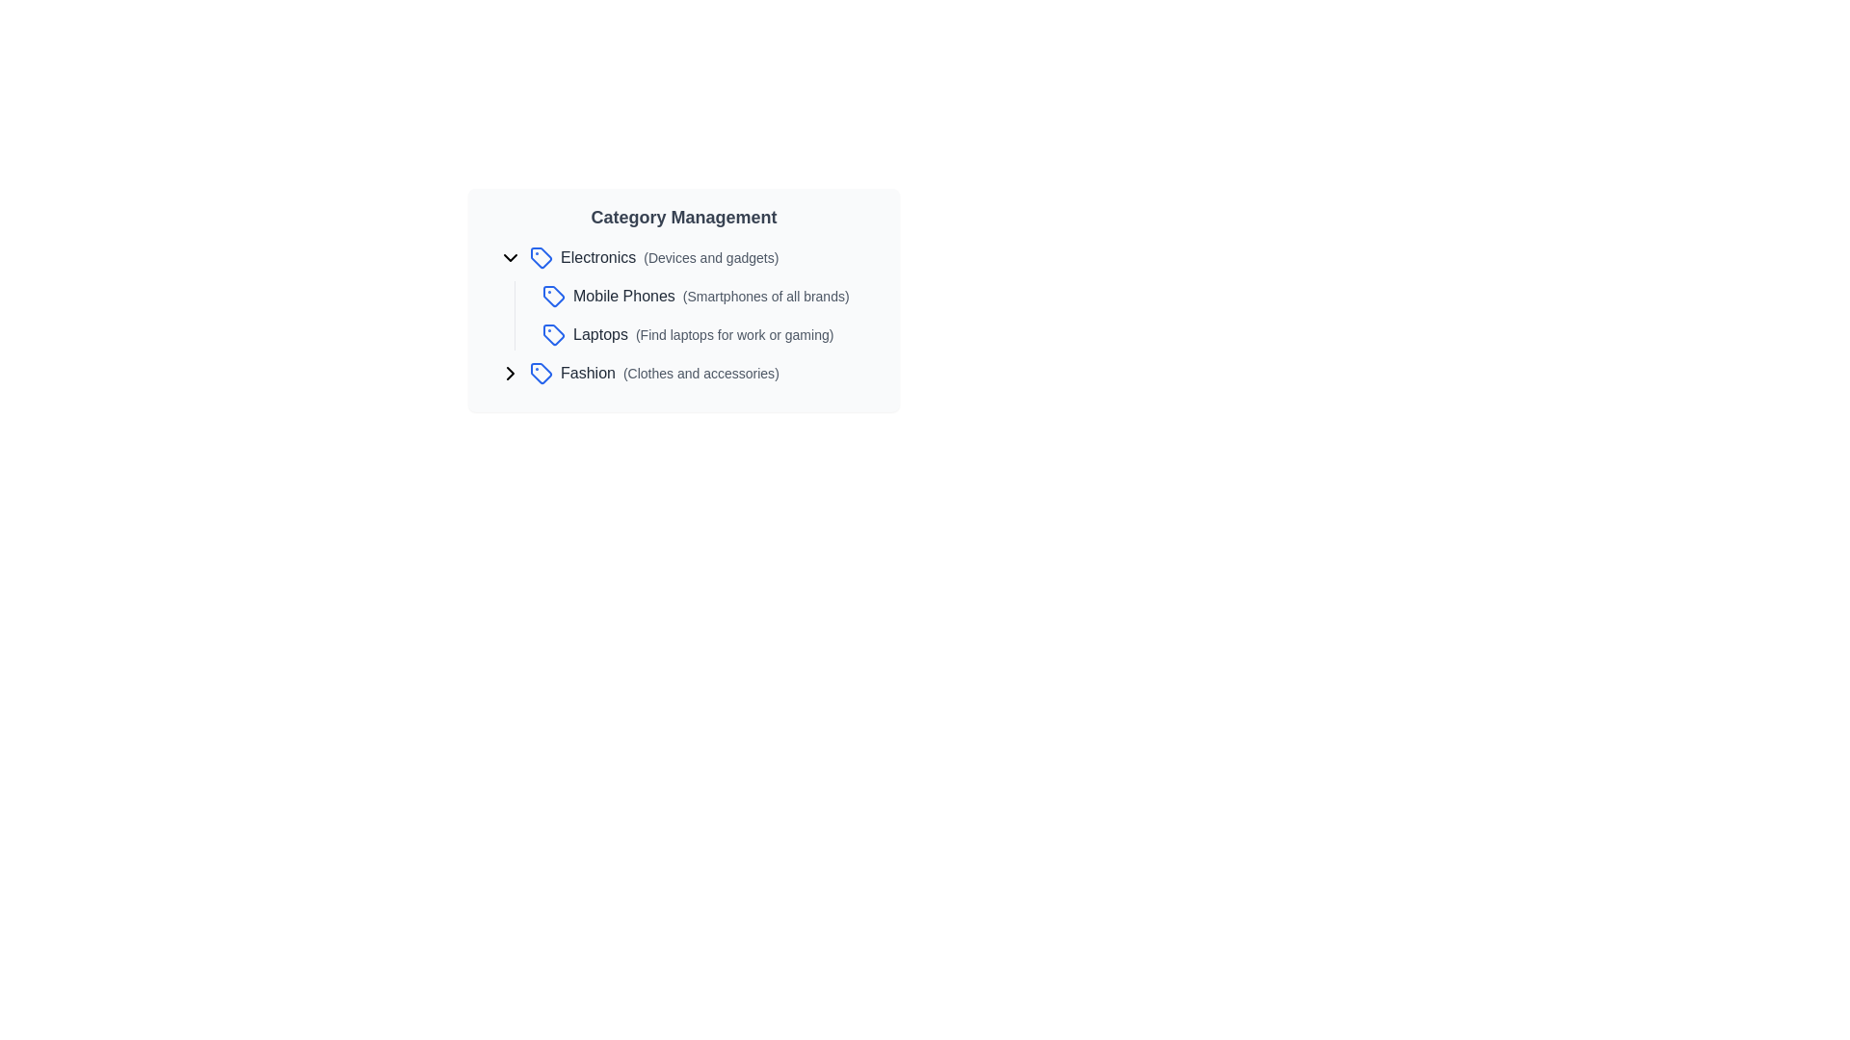 The image size is (1850, 1040). Describe the element at coordinates (710, 297) in the screenshot. I see `the category label for mobile phones located in the 'Electronics' category under 'Category Management', which is the second line item in the list` at that location.